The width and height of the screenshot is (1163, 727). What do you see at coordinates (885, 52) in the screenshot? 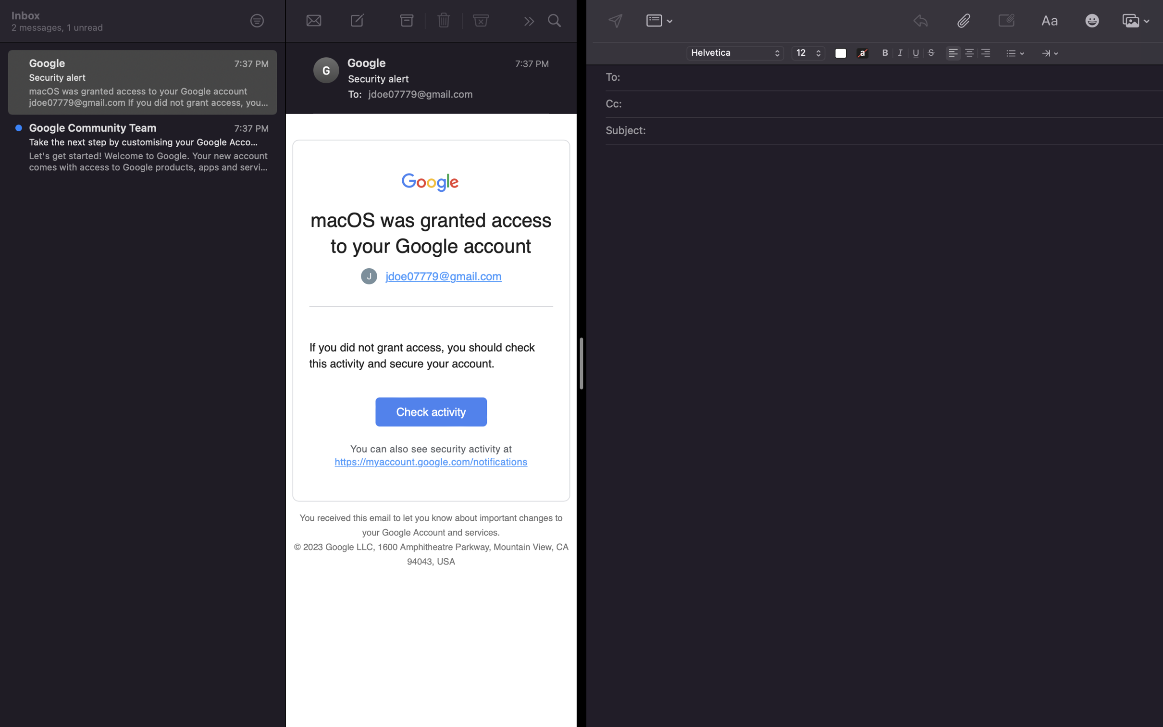
I see `font style to bold` at bounding box center [885, 52].